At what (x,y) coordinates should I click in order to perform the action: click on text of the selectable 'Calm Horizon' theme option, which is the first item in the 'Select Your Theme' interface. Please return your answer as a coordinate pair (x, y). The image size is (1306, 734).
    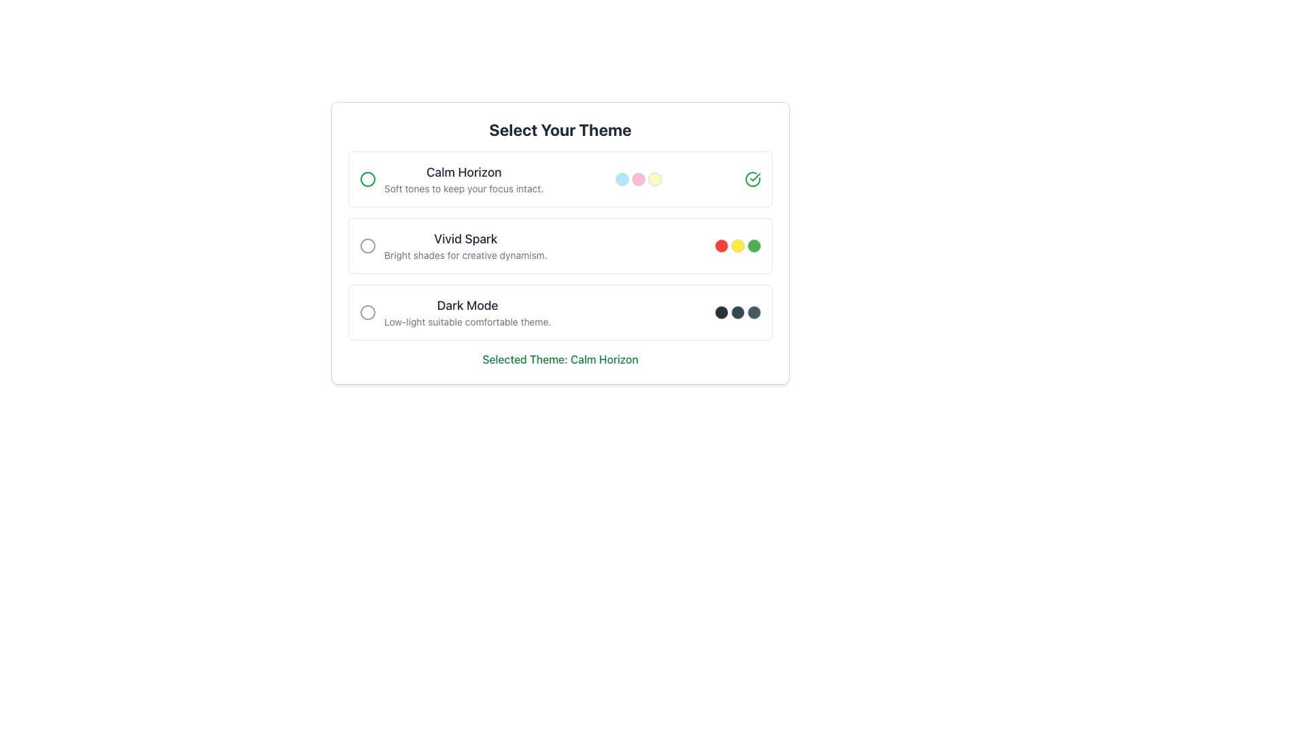
    Looking at the image, I should click on (452, 178).